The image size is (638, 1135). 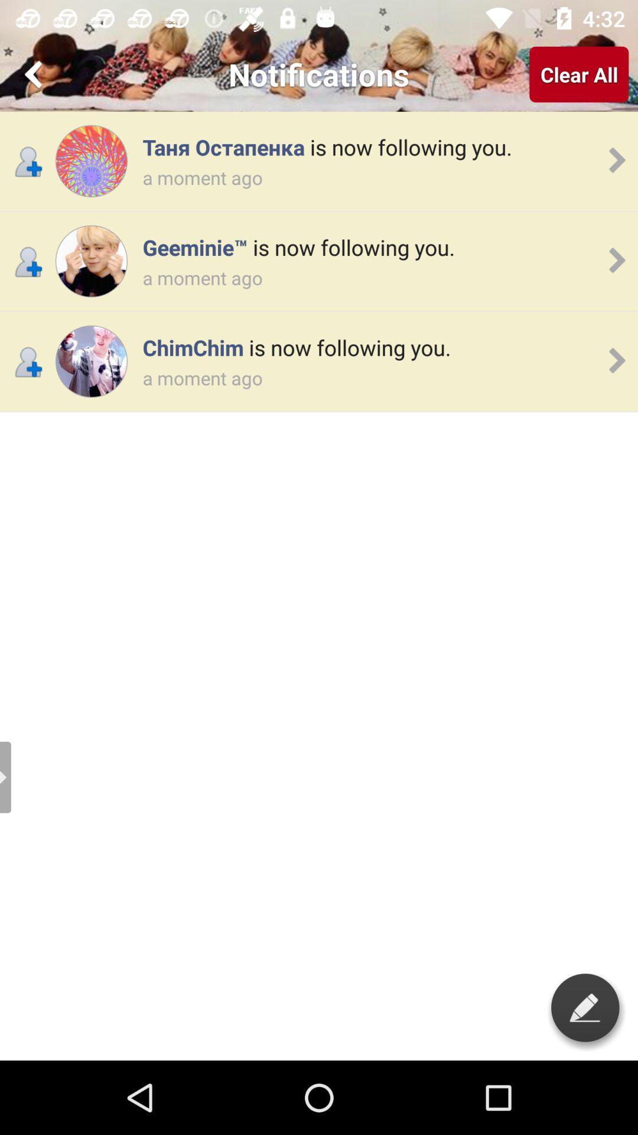 I want to click on a profile, so click(x=90, y=160).